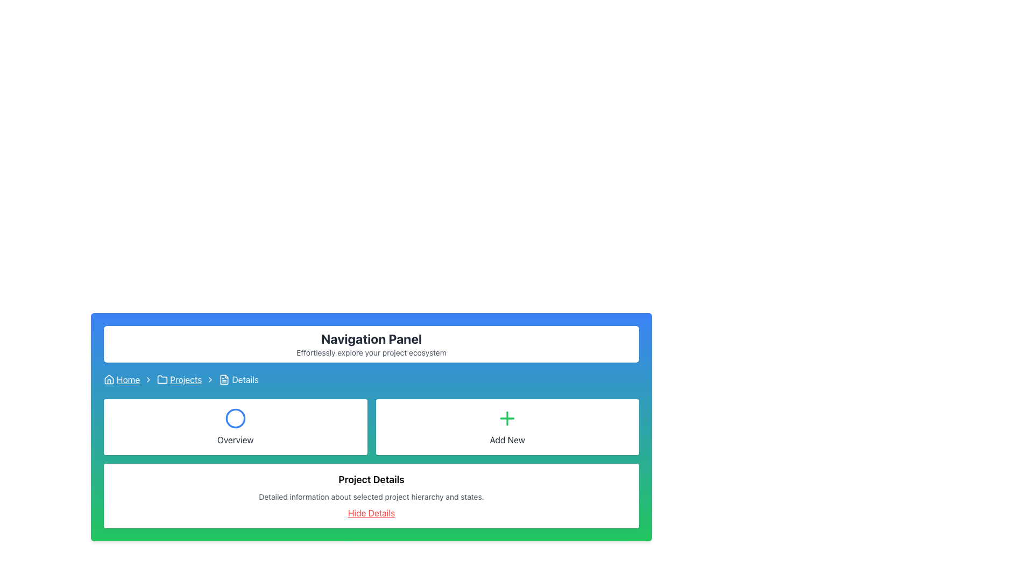 Image resolution: width=1033 pixels, height=581 pixels. Describe the element at coordinates (162, 379) in the screenshot. I see `the folder icon located to the left of the 'Projects' label in the breadcrumb navigation bar to associate it with the navigational text` at that location.